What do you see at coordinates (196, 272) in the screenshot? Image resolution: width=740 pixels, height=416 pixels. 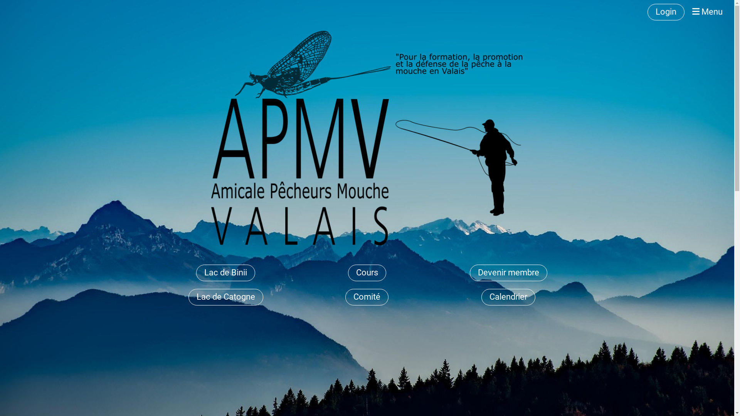 I see `'Lac de Binii'` at bounding box center [196, 272].